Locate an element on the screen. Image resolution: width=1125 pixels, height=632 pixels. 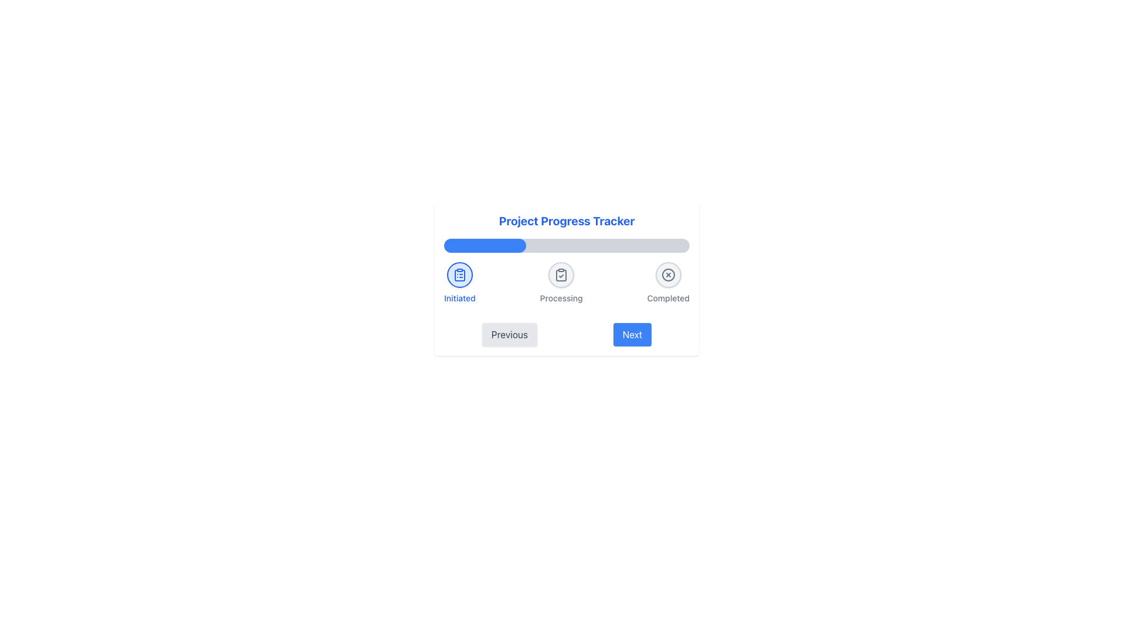
the blue 'Next' button with white text is located at coordinates (632, 334).